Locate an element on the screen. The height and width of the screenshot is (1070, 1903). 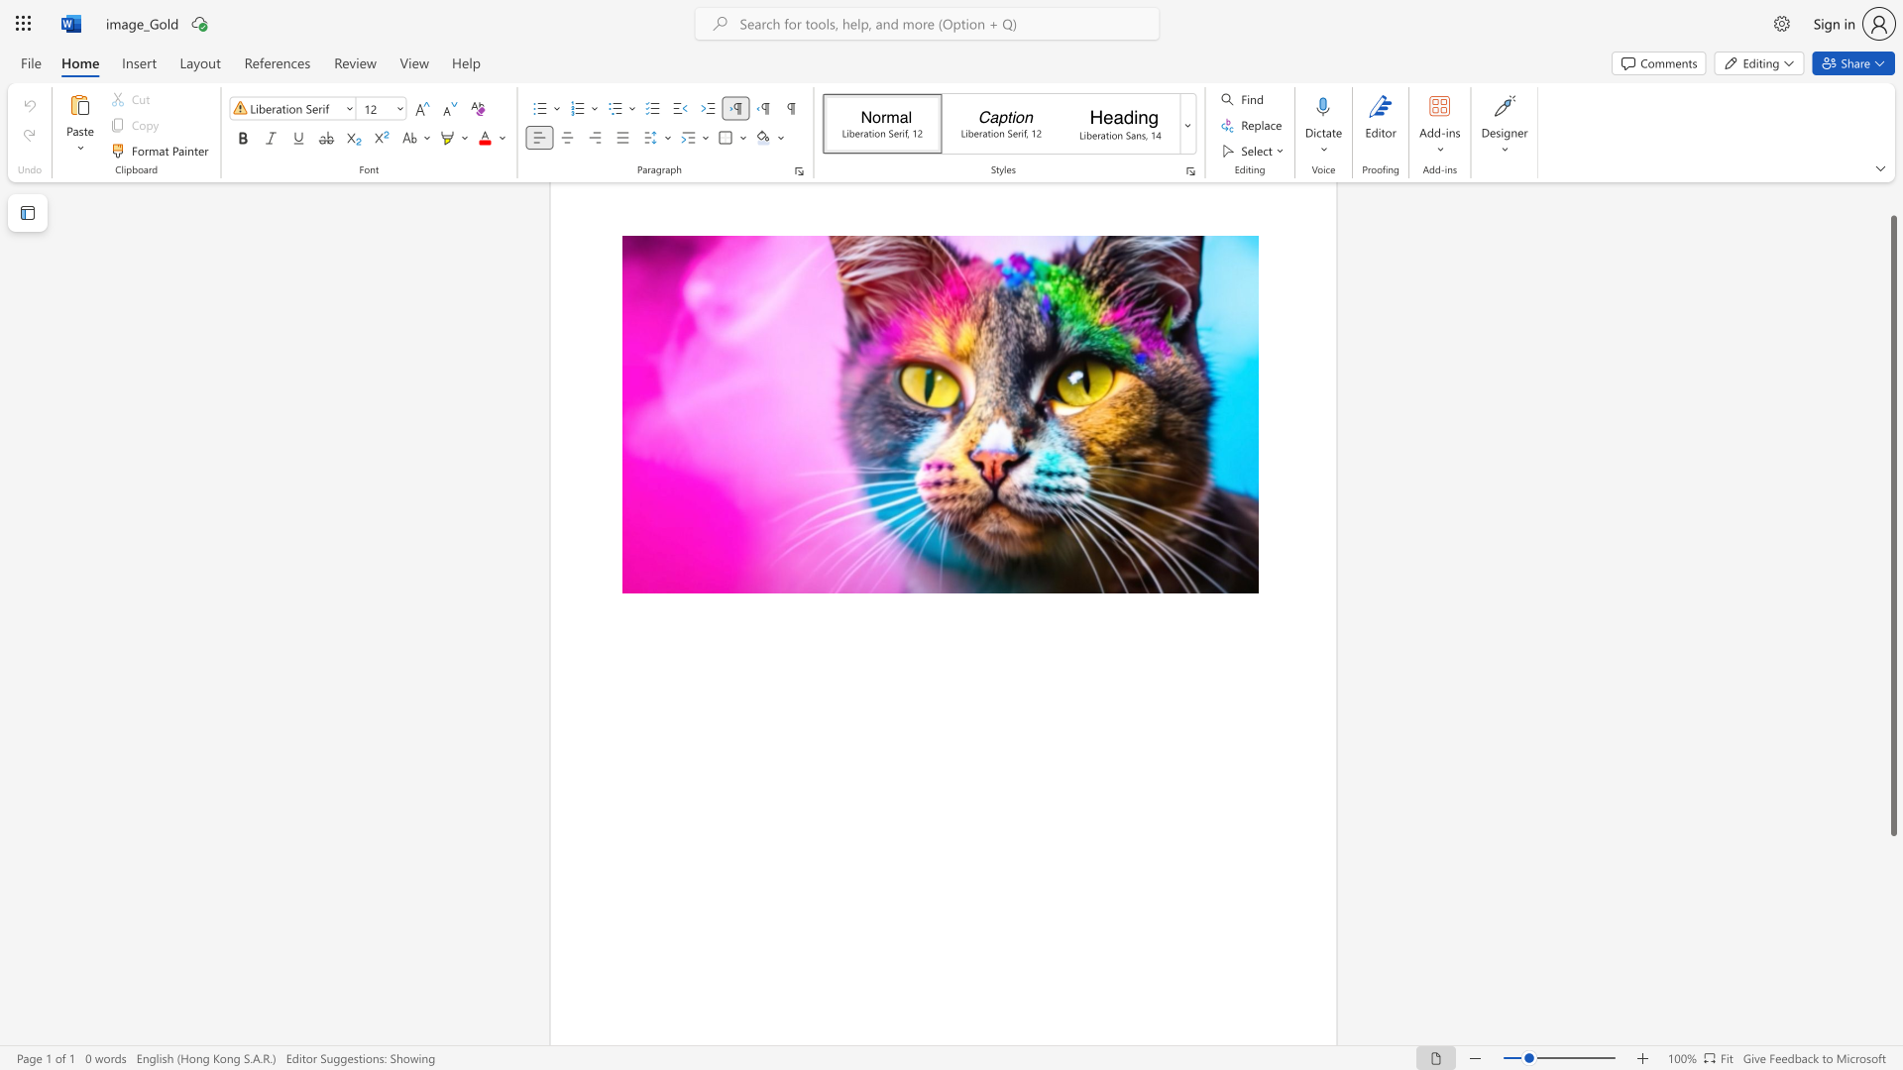
the scrollbar and move down 150 pixels is located at coordinates (1892, 525).